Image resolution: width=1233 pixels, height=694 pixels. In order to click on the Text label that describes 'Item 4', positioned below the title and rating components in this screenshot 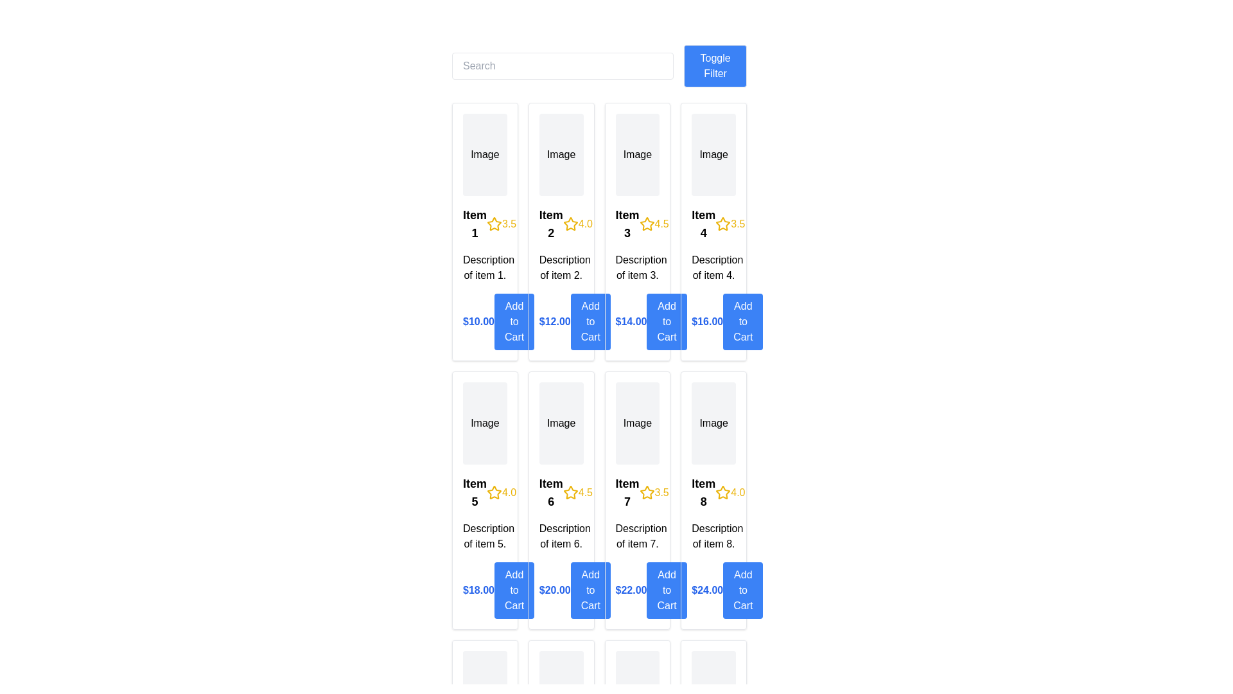, I will do `click(713, 267)`.